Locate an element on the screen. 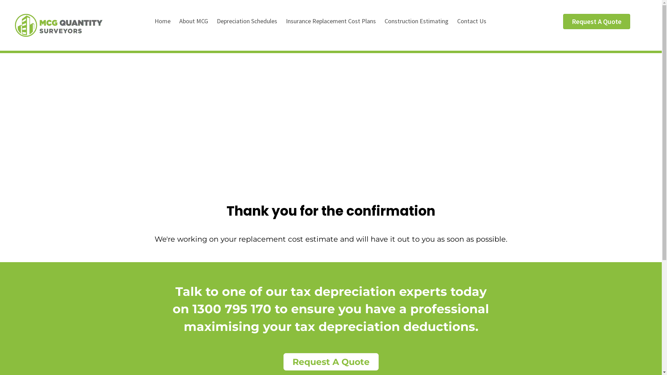 The width and height of the screenshot is (667, 375). 'Construction Estimating' is located at coordinates (420, 20).